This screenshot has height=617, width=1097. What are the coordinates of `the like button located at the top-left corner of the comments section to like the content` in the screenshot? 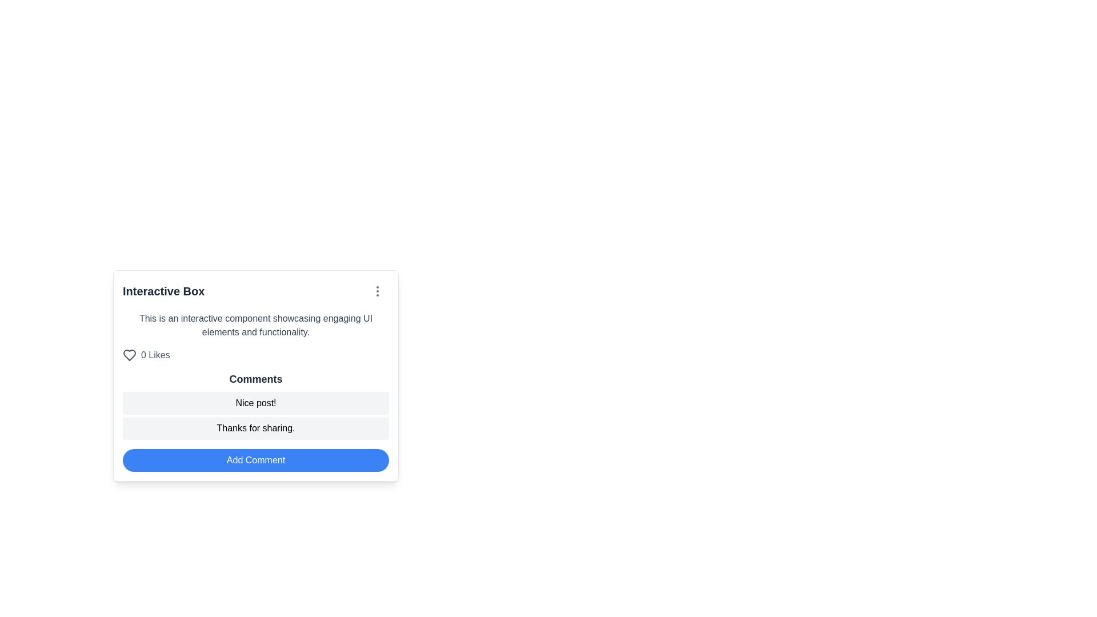 It's located at (146, 354).